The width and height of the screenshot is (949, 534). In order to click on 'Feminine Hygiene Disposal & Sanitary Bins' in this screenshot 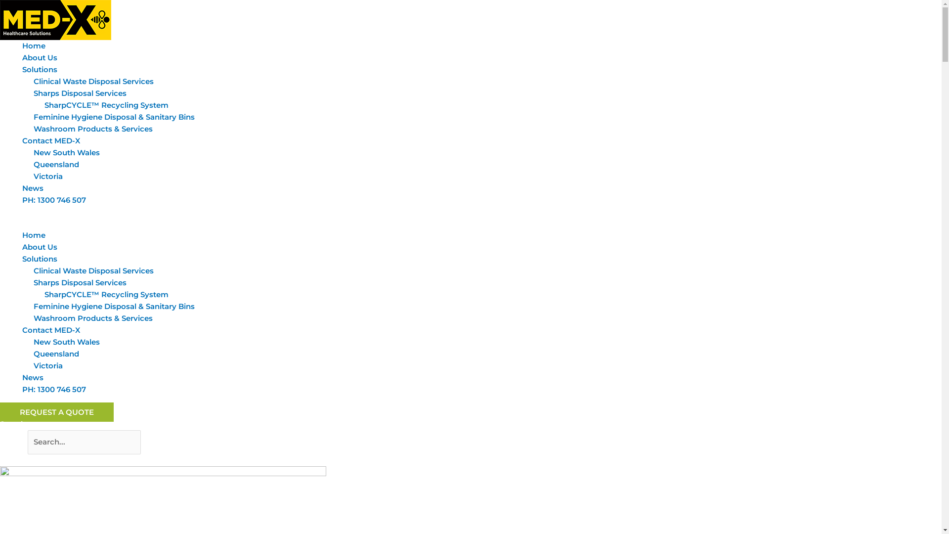, I will do `click(114, 306)`.